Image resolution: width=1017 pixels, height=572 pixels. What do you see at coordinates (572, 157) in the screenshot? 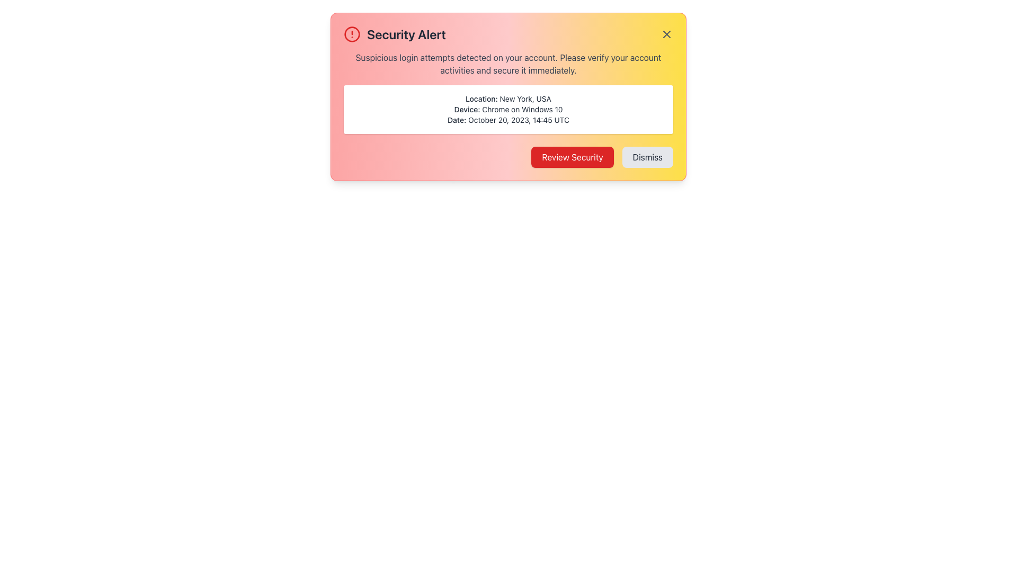
I see `the security review call-to-action button located in the bottom-right section of the alert box, positioned to the left of the 'Dismiss' button` at bounding box center [572, 157].